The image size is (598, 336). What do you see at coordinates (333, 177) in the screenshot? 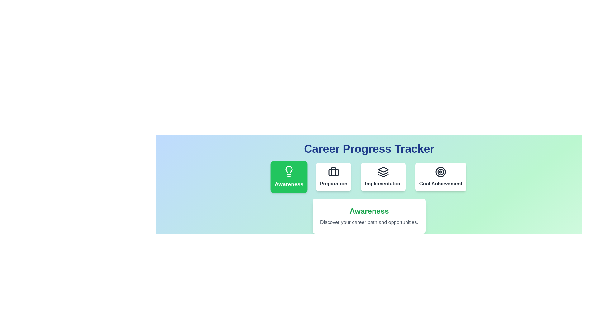
I see `the phase Preparation to highlight it` at bounding box center [333, 177].